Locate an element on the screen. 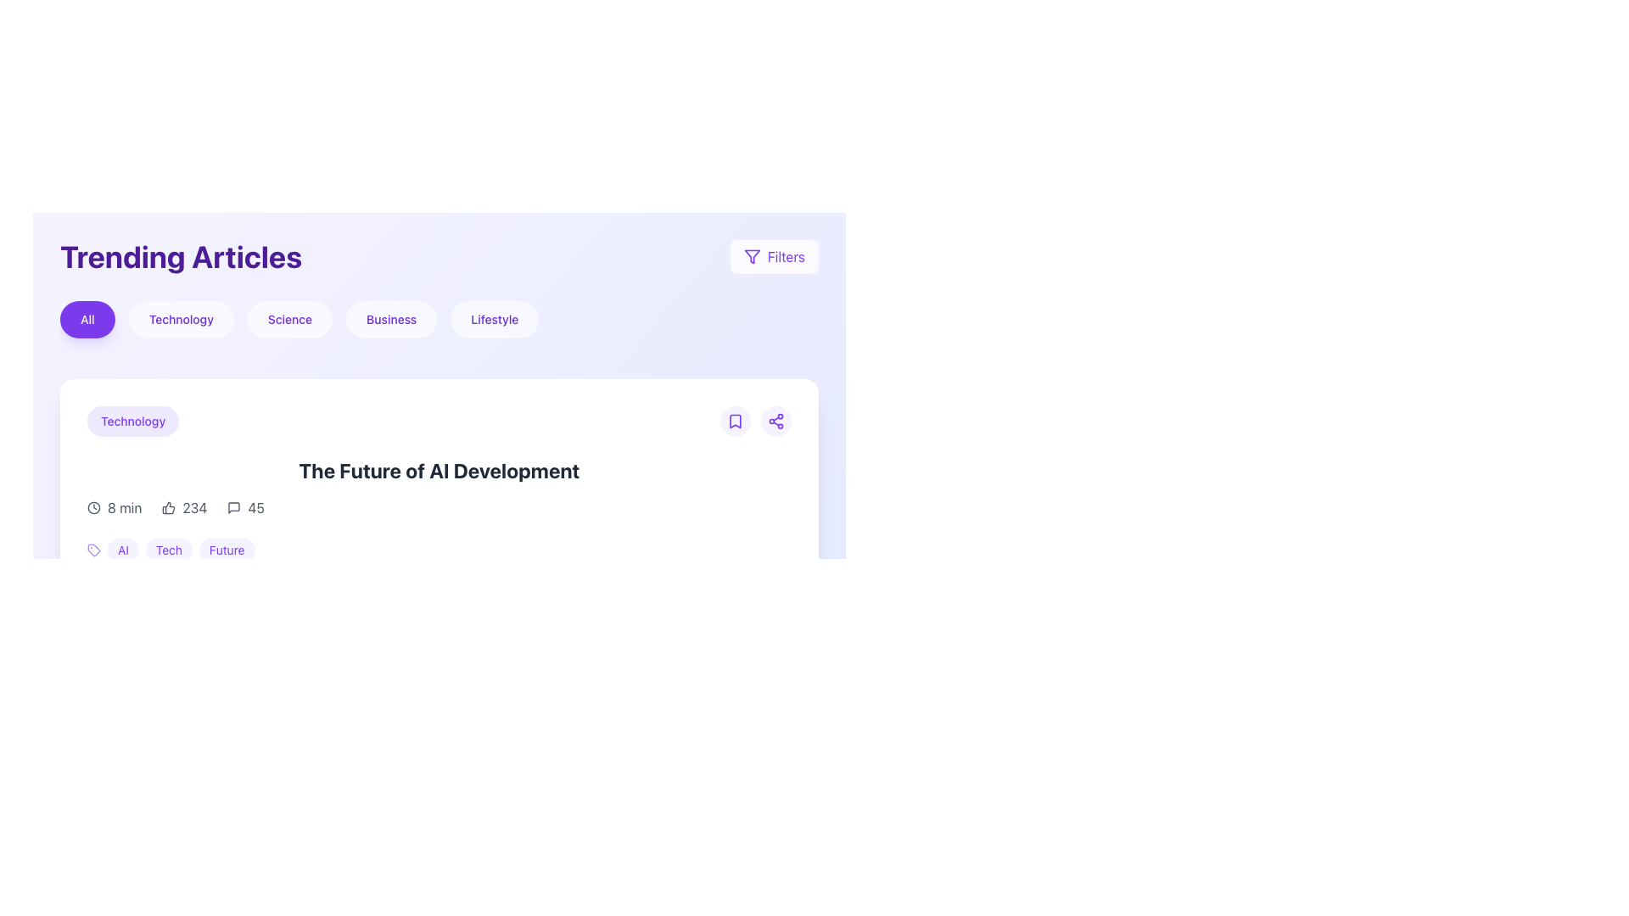 The image size is (1629, 916). the second text label indicating the category 'Tech' beneath the article title is located at coordinates (169, 550).